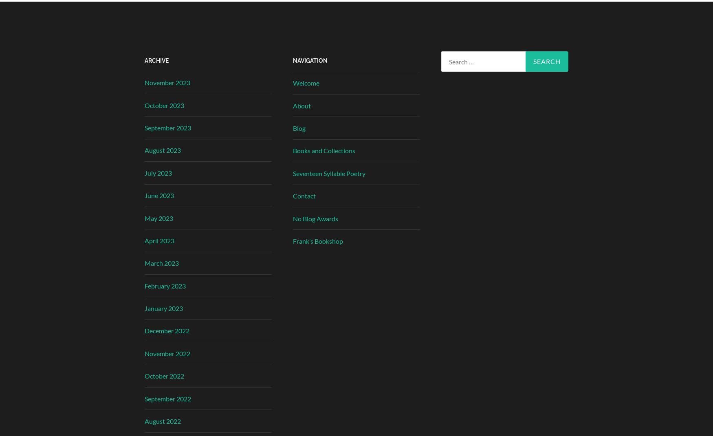  I want to click on 'Welcome', so click(306, 82).